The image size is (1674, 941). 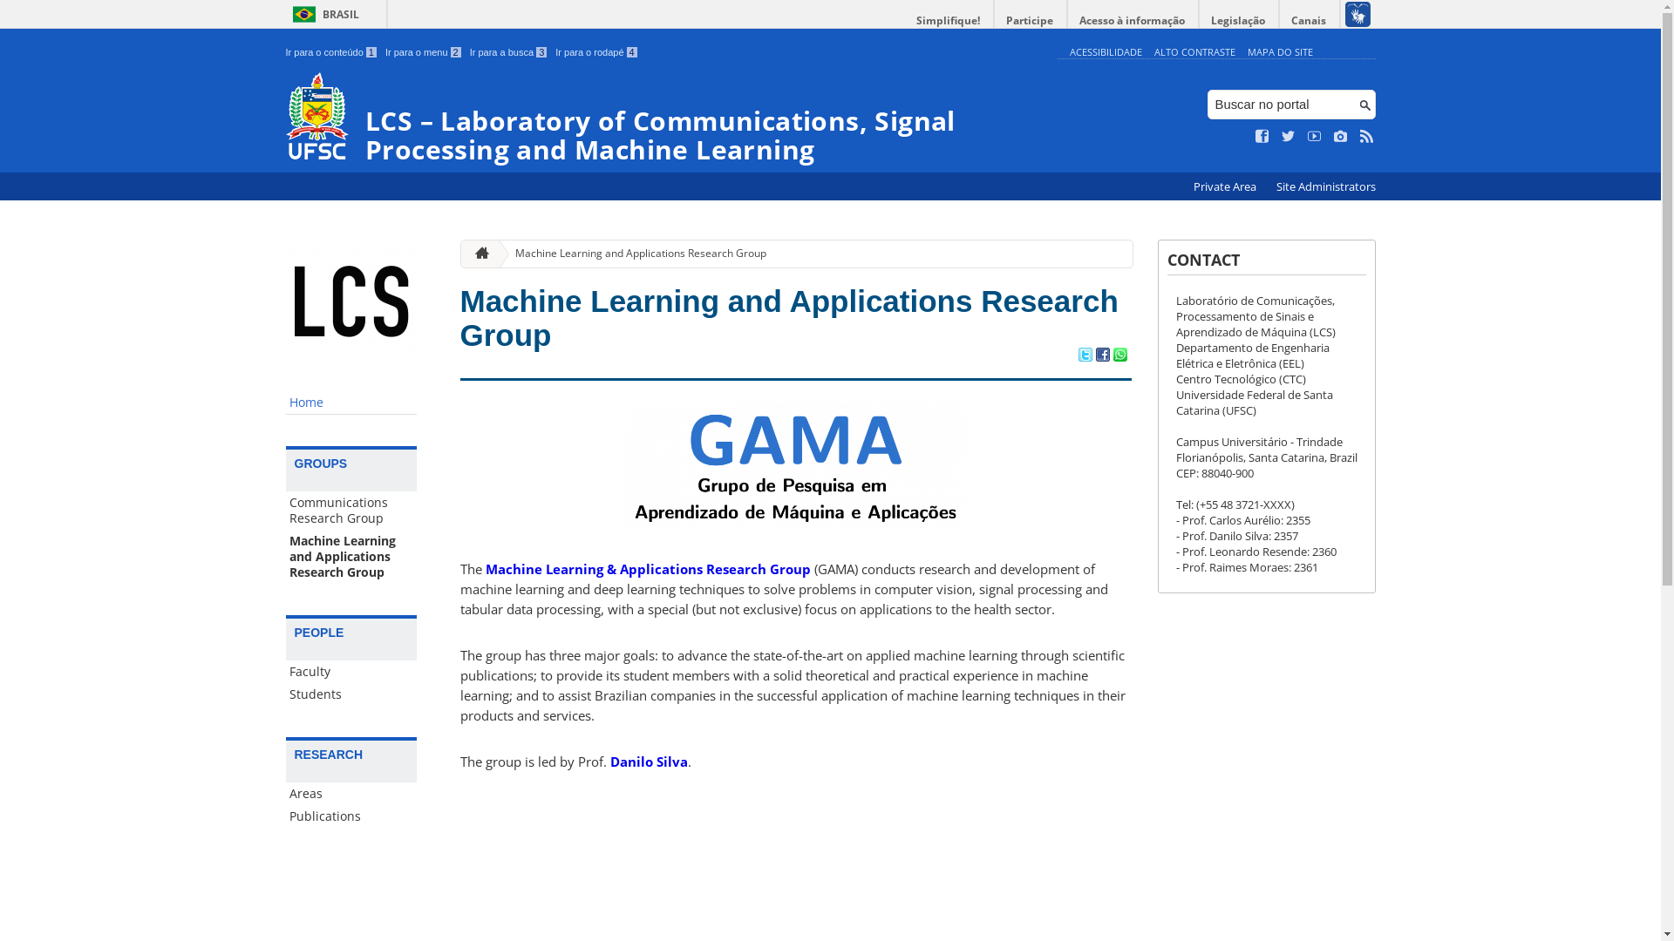 What do you see at coordinates (1255, 136) in the screenshot?
I see `'Curta no Facebook'` at bounding box center [1255, 136].